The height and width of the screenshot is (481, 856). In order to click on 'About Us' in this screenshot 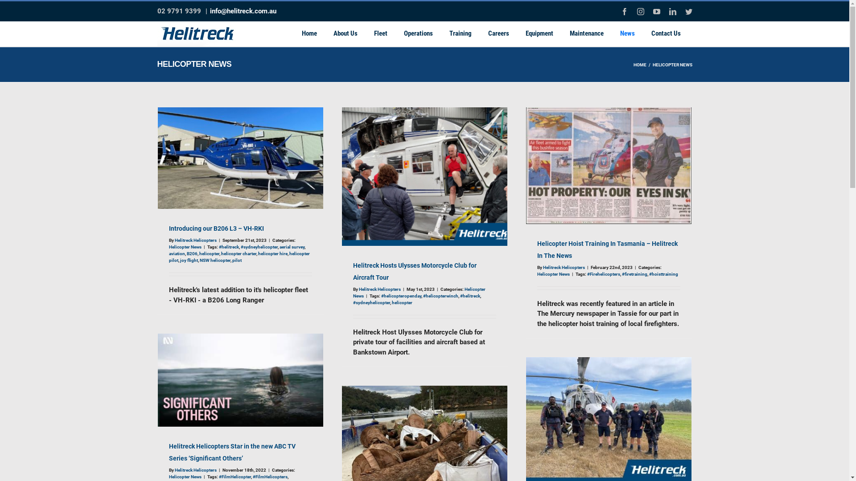, I will do `click(344, 33)`.